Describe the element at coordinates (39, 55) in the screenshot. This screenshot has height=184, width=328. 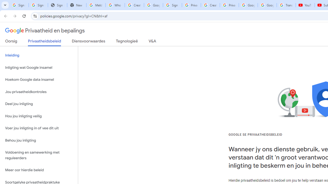
I see `'Inleiding'` at that location.